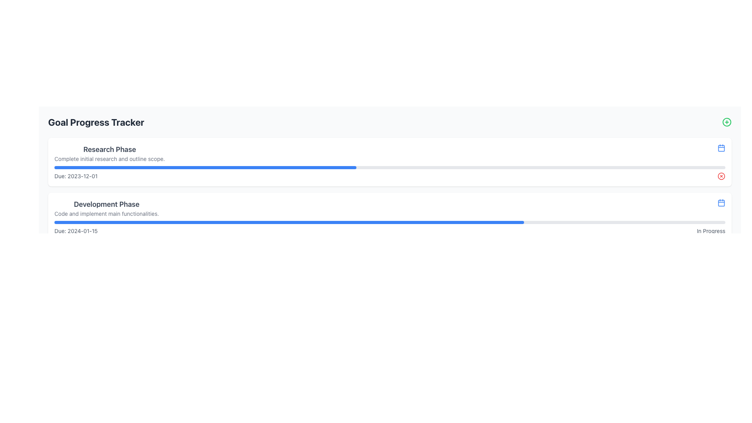 The width and height of the screenshot is (752, 423). What do you see at coordinates (390, 167) in the screenshot?
I see `the horizontal progress bar located in the Research Phase section, which is visually represented with a light gray background and a blue-filled portion indicating 45% progress` at bounding box center [390, 167].